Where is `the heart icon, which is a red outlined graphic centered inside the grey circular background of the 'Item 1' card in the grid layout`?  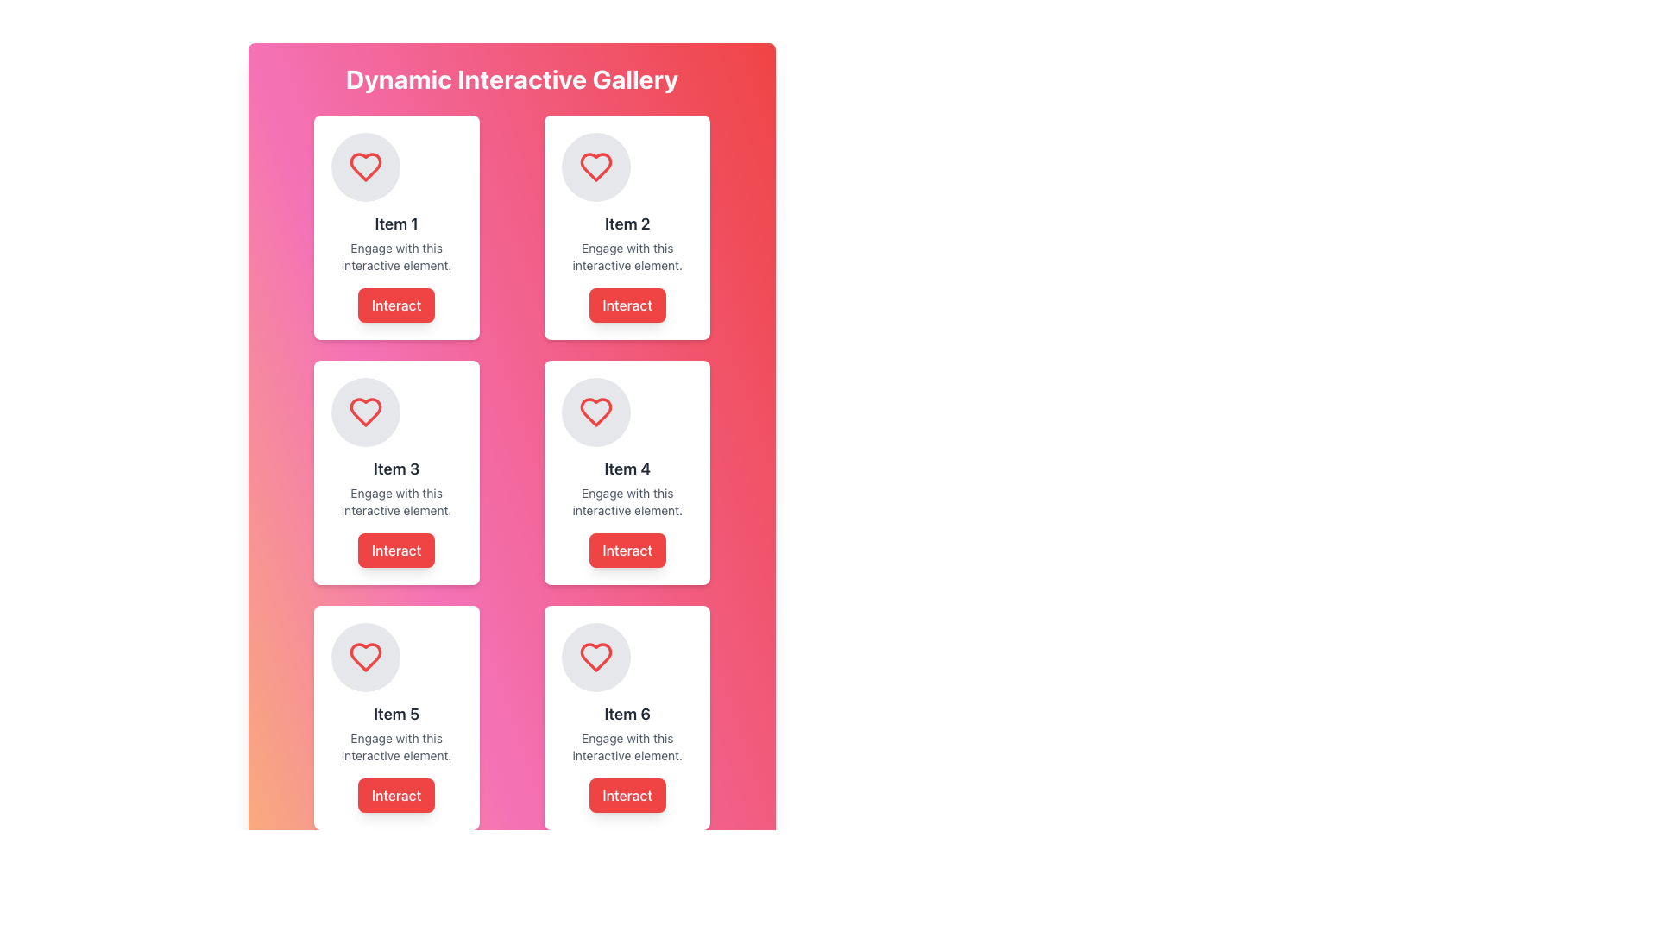
the heart icon, which is a red outlined graphic centered inside the grey circular background of the 'Item 1' card in the grid layout is located at coordinates (364, 167).